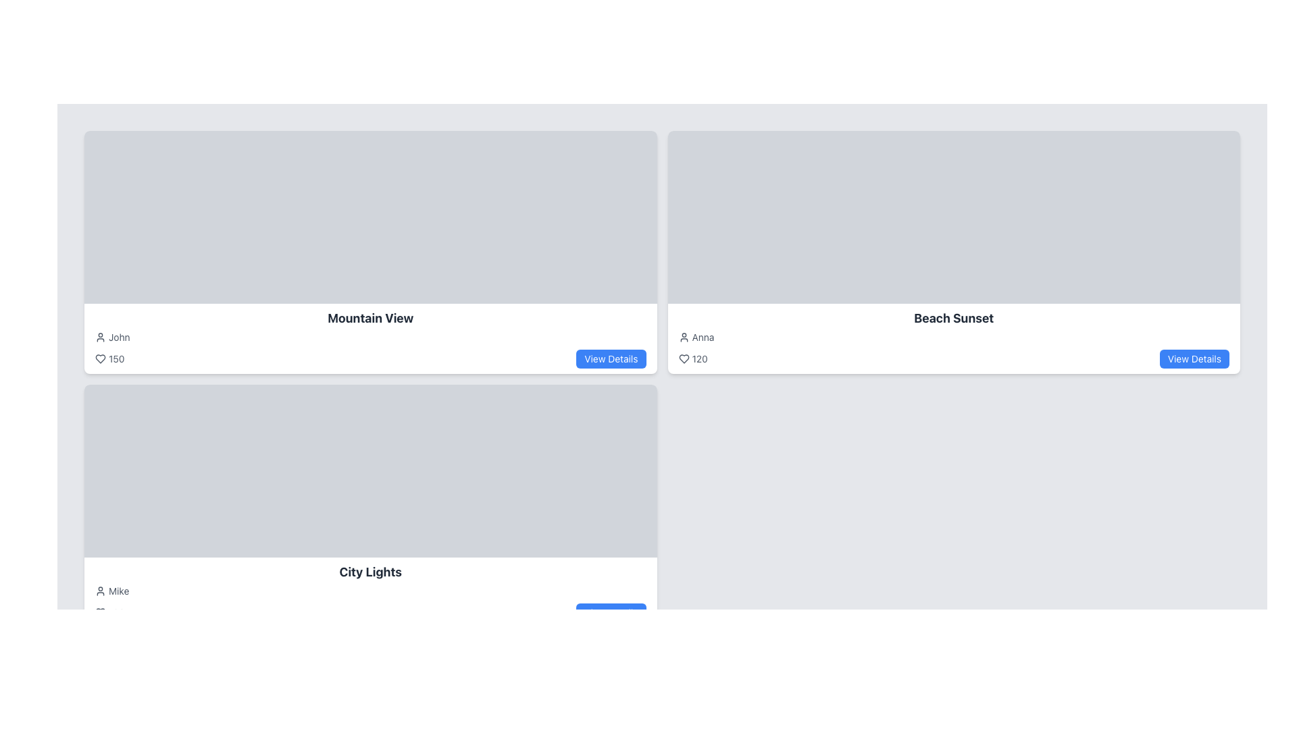 This screenshot has width=1297, height=729. Describe the element at coordinates (370, 216) in the screenshot. I see `the Image Placeholder located in the upper part of the card displaying property details, which has a light gray background and is positioned in the top-left corner of the grid layout` at that location.